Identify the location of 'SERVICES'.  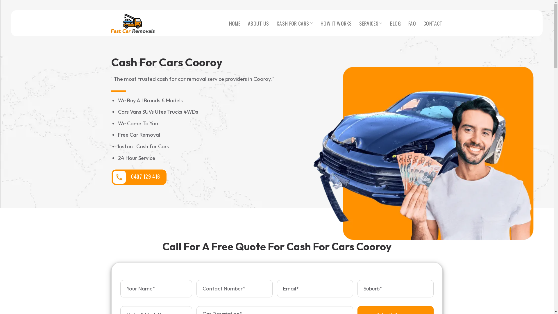
(370, 23).